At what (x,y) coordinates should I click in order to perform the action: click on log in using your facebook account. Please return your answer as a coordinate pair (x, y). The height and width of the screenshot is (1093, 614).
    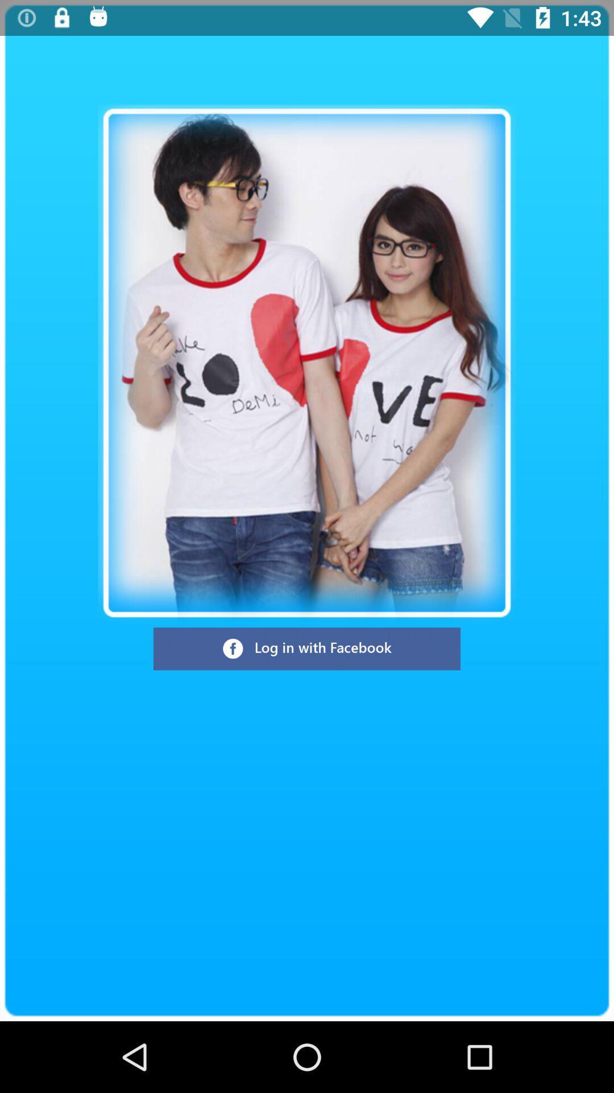
    Looking at the image, I should click on (307, 649).